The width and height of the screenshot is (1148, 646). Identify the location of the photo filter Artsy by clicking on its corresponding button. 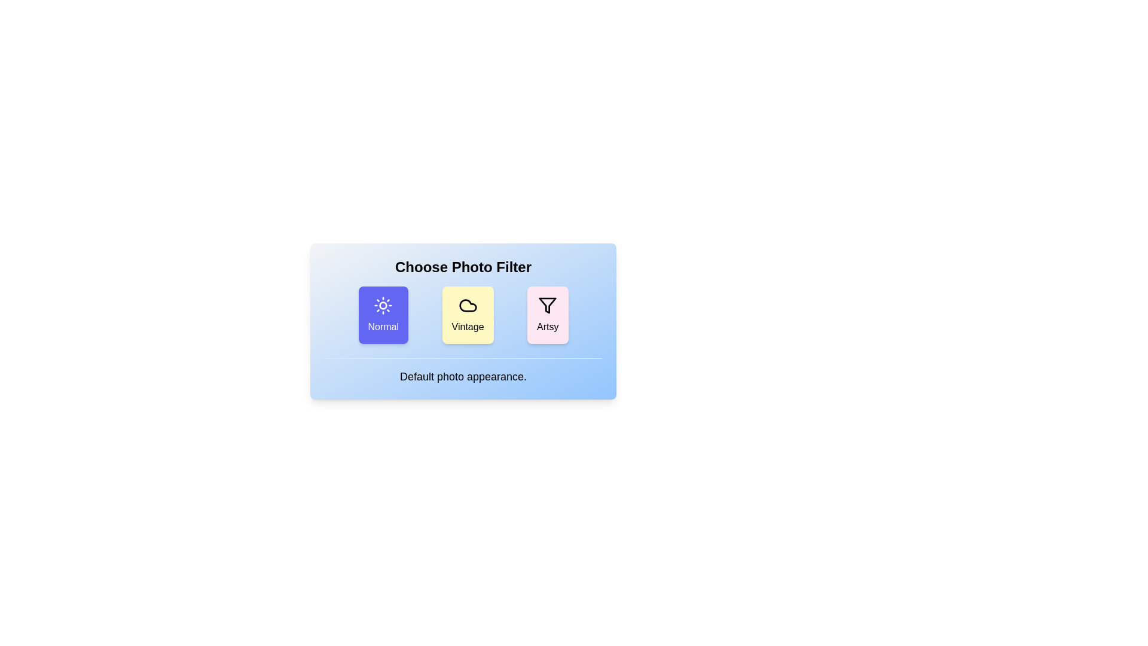
(547, 315).